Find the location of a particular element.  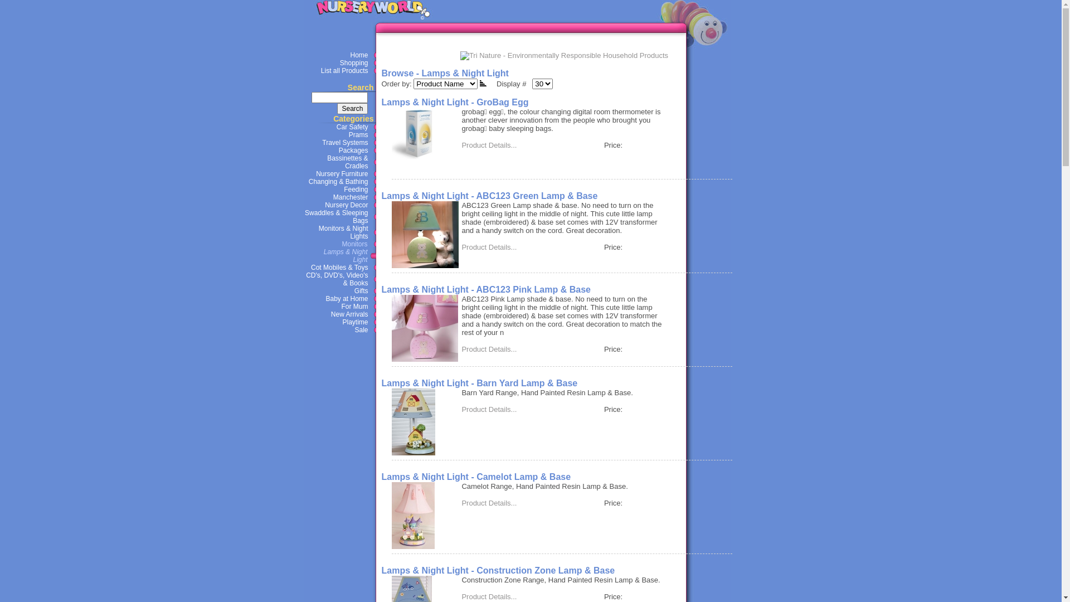

'List all Products' is located at coordinates (339, 71).